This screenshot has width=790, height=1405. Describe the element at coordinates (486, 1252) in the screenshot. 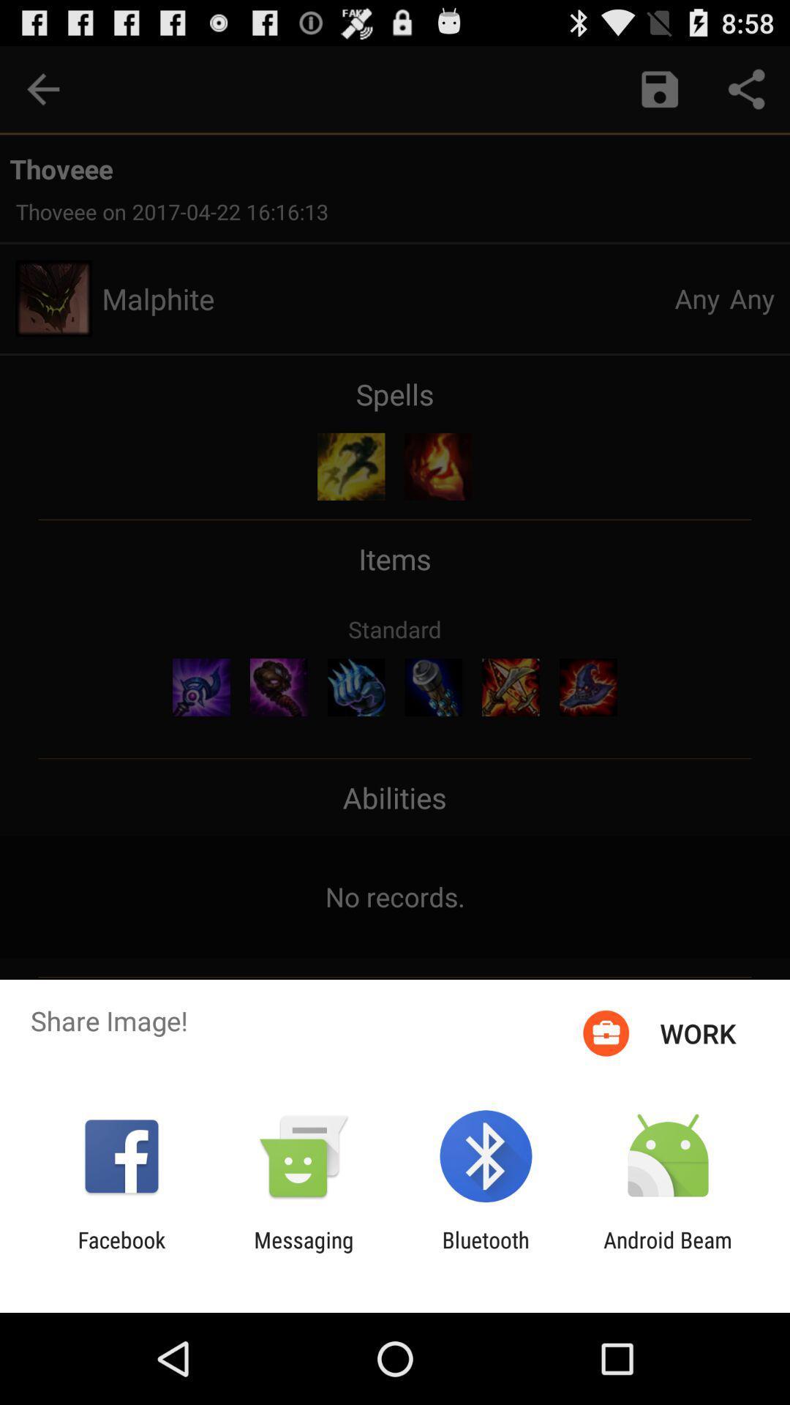

I see `icon next to android beam app` at that location.